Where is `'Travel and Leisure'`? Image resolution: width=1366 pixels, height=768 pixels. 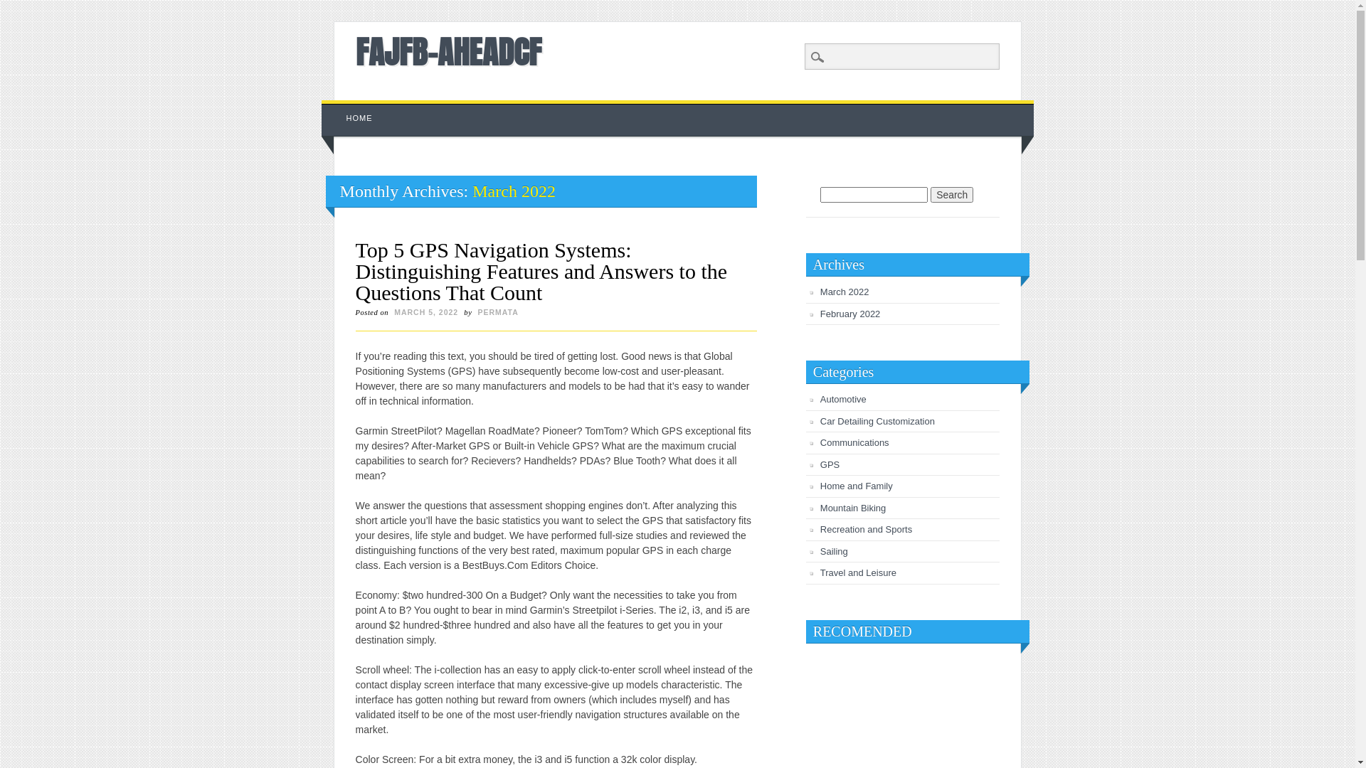 'Travel and Leisure' is located at coordinates (857, 572).